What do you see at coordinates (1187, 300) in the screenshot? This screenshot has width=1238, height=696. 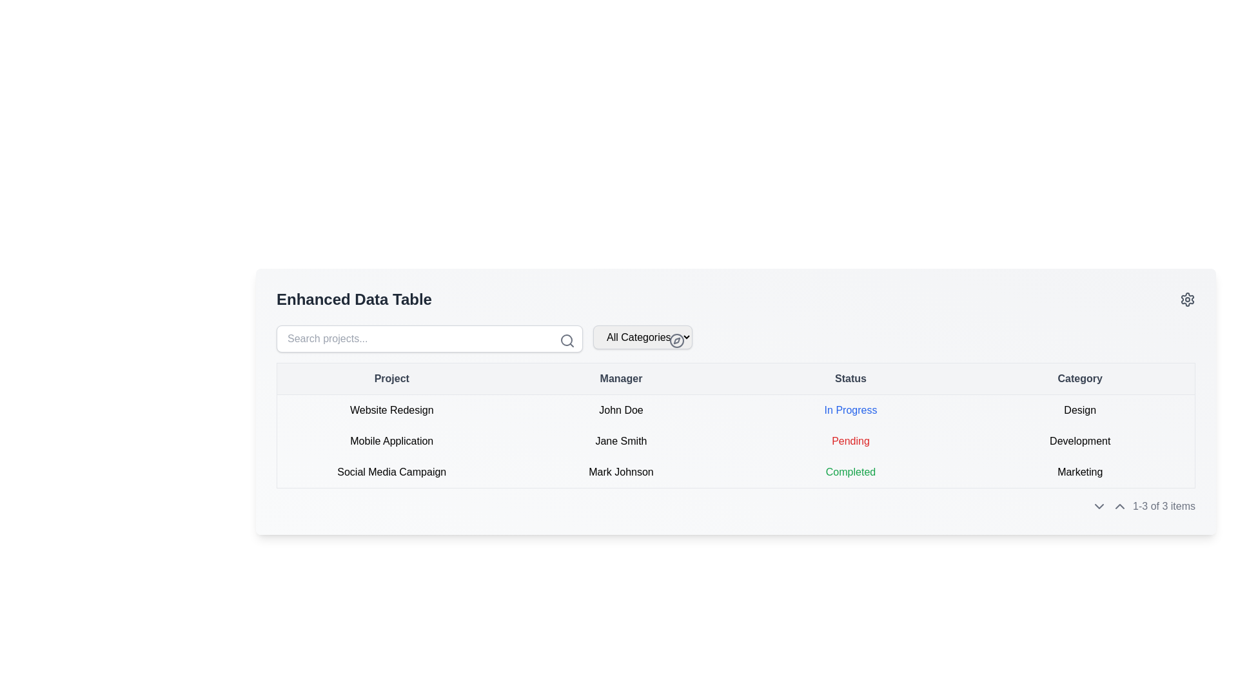 I see `the gear-shaped settings icon located in the top-right corner of the interface` at bounding box center [1187, 300].